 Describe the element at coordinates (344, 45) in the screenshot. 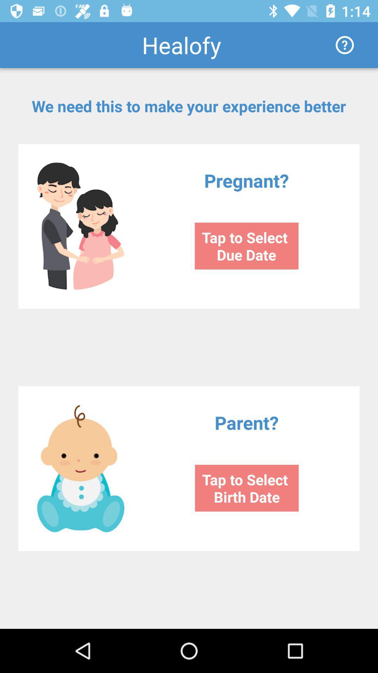

I see `open help page` at that location.